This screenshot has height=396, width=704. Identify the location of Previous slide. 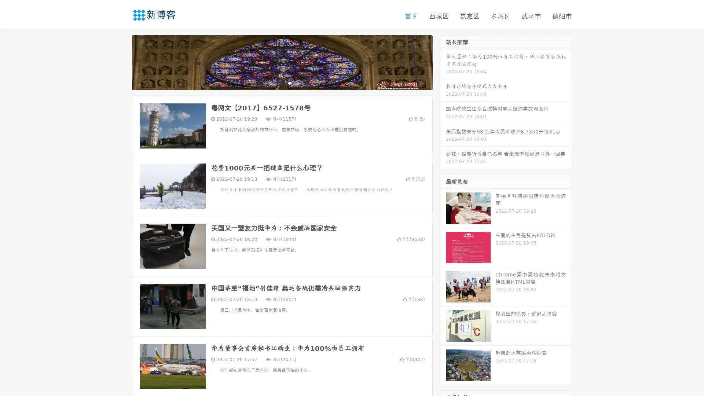
(121, 62).